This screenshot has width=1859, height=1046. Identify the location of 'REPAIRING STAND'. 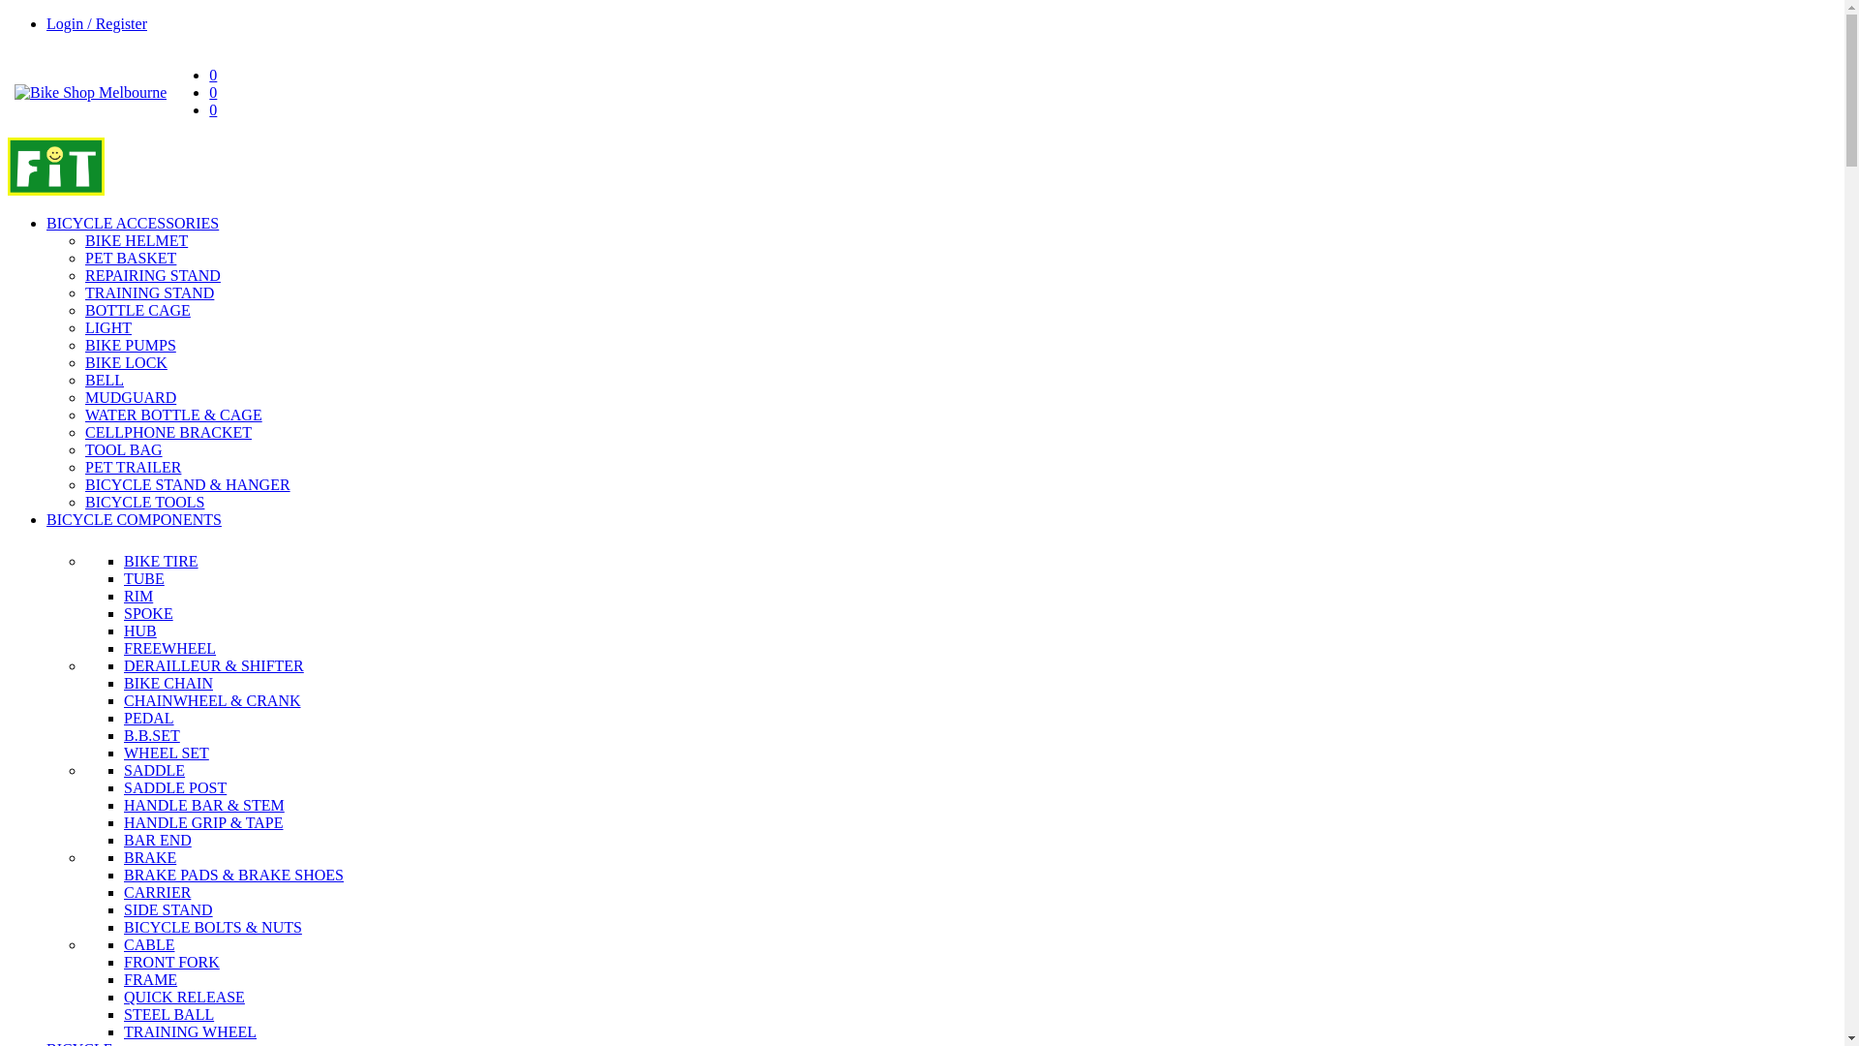
(152, 275).